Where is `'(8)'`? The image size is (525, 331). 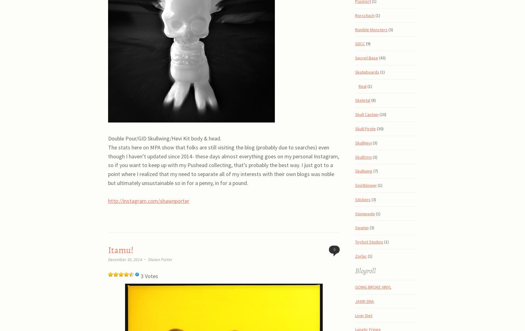 '(8)' is located at coordinates (373, 100).